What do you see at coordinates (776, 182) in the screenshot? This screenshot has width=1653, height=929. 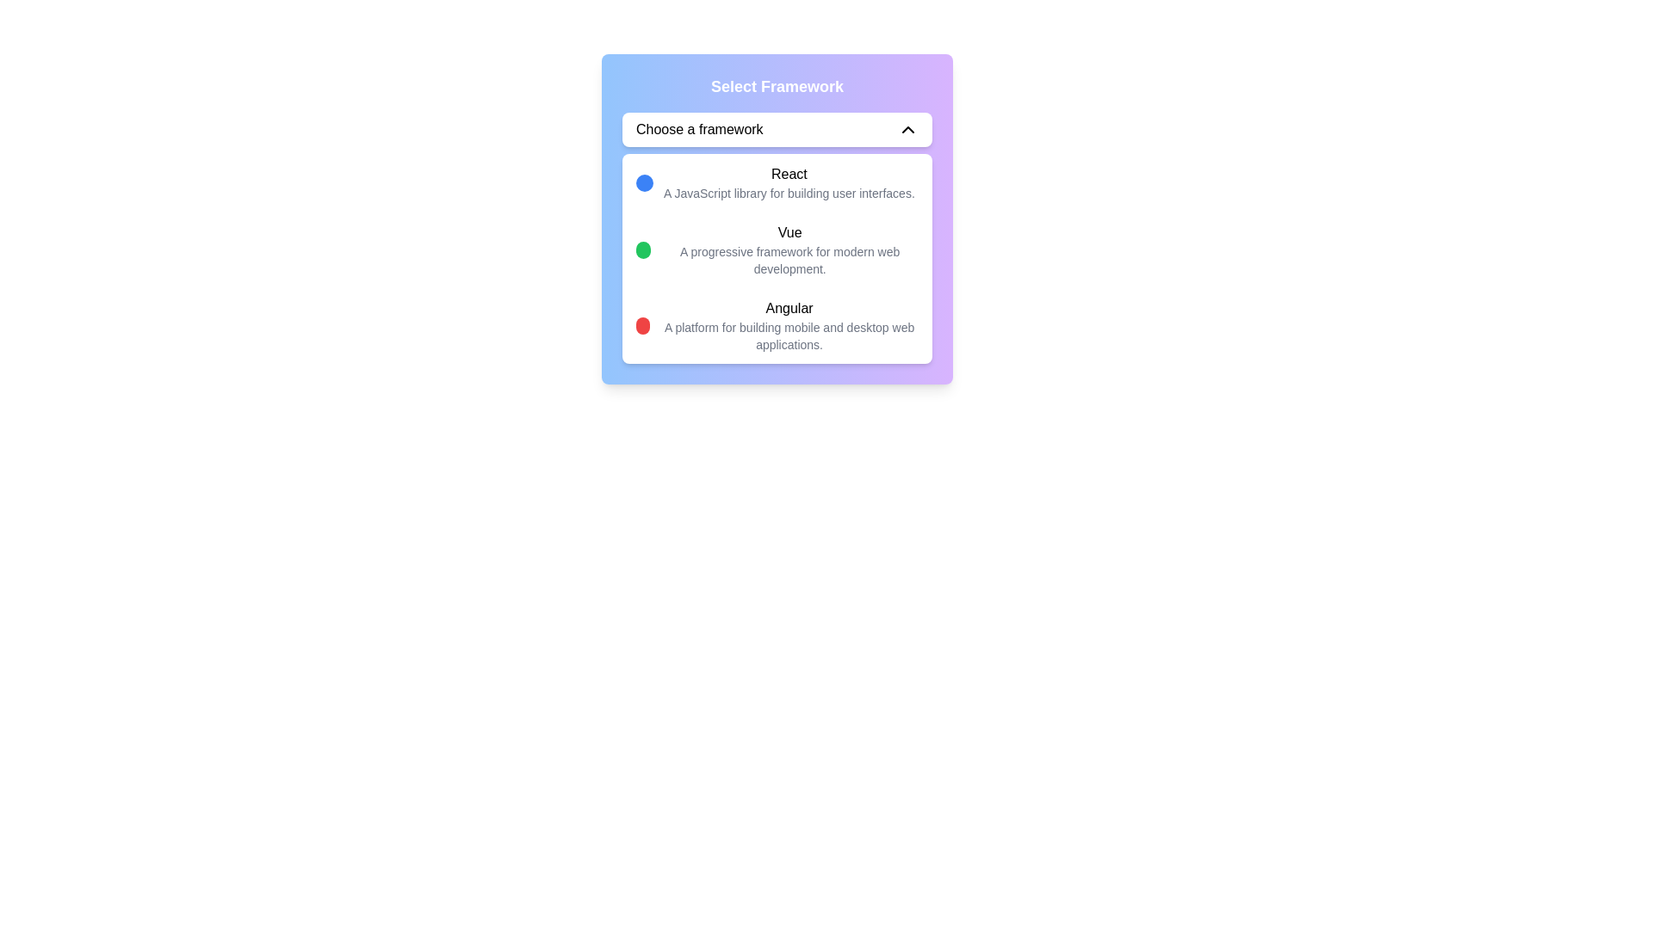 I see `the first list item with a blue circular marker and the title 'React'` at bounding box center [776, 182].